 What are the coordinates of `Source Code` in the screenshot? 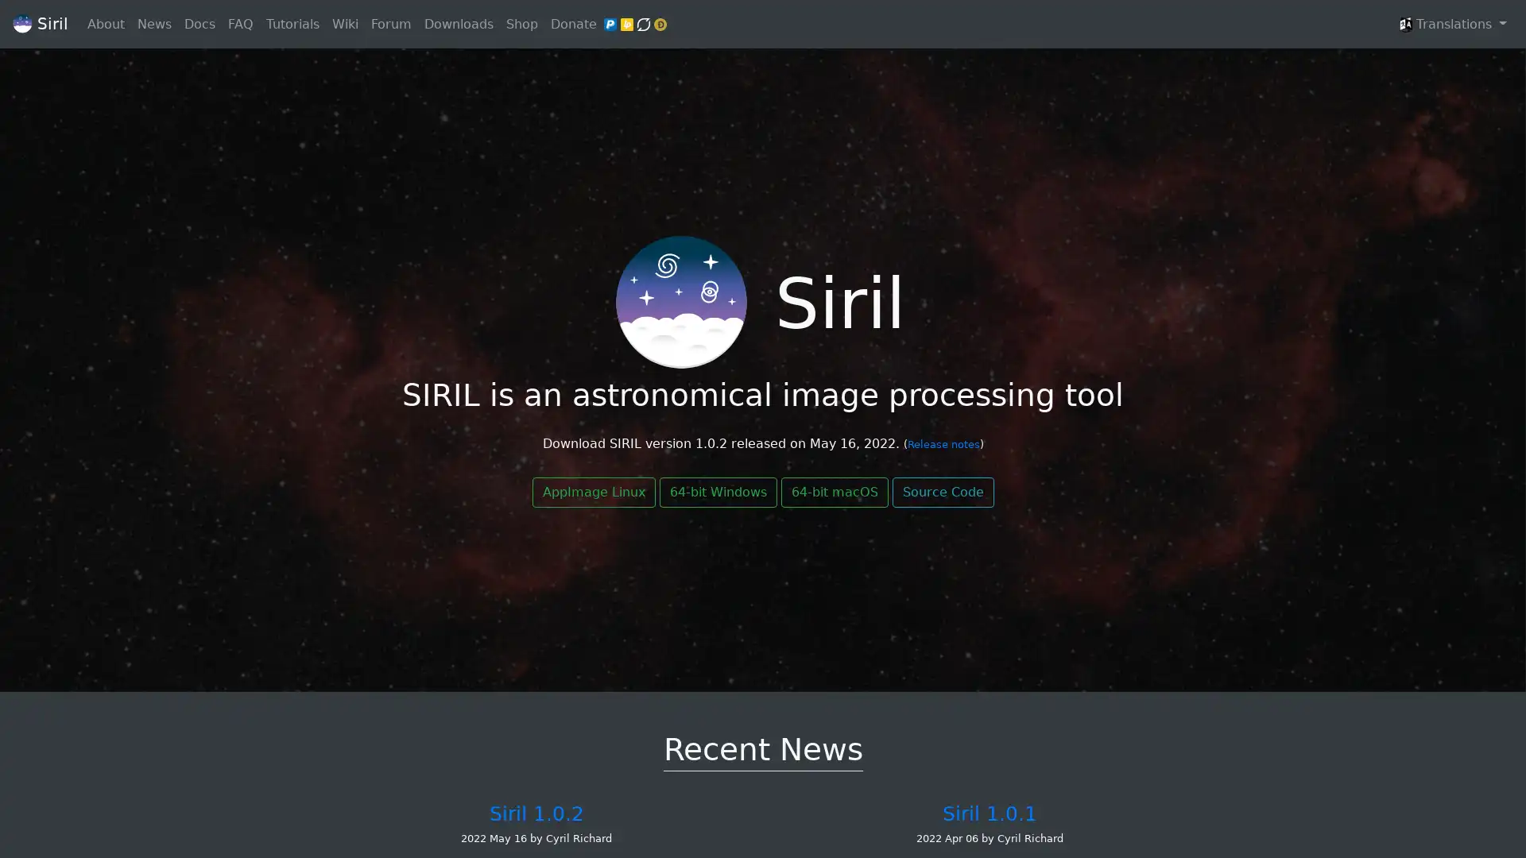 It's located at (942, 492).